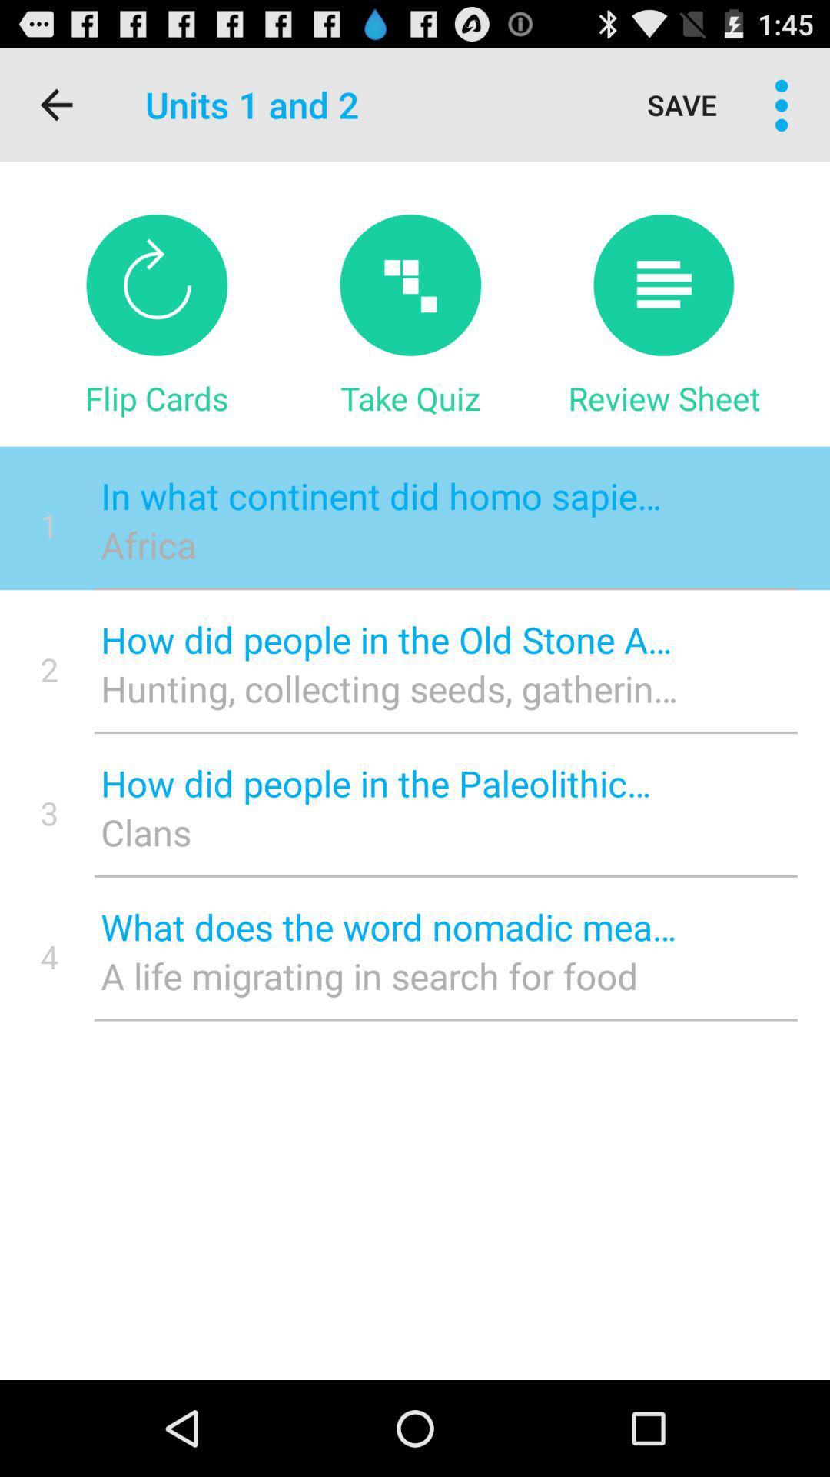 The width and height of the screenshot is (830, 1477). Describe the element at coordinates (410, 398) in the screenshot. I see `the item to the right of flip cards item` at that location.